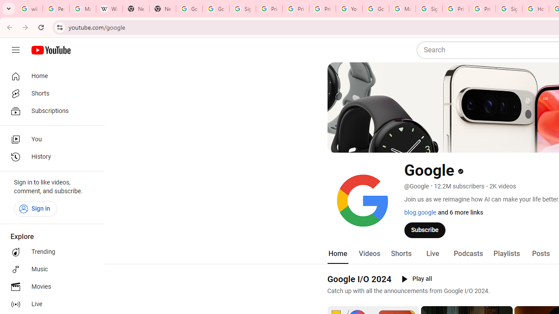 The height and width of the screenshot is (314, 559). Describe the element at coordinates (416, 279) in the screenshot. I see `'Play all'` at that location.